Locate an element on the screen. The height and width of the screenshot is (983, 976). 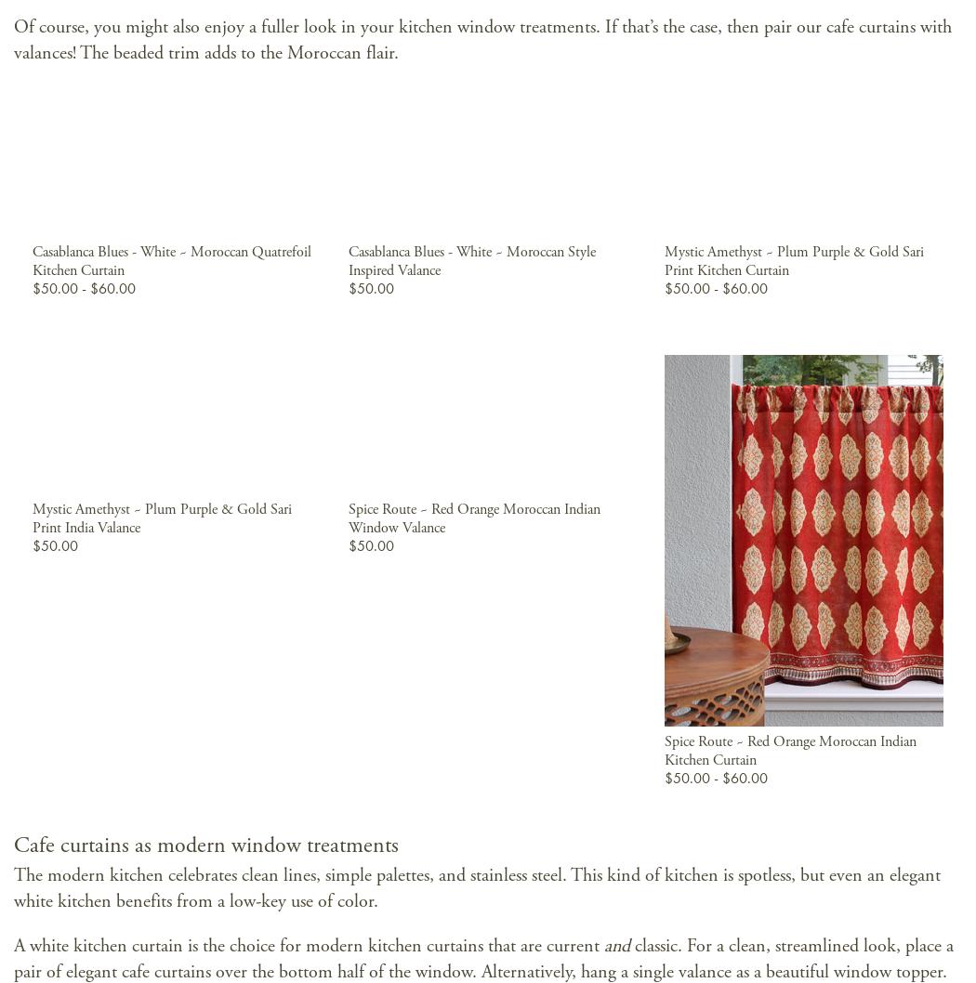
'Casablanca Blues - White ~ Moroccan Style Inspired Valance' is located at coordinates (470, 259).